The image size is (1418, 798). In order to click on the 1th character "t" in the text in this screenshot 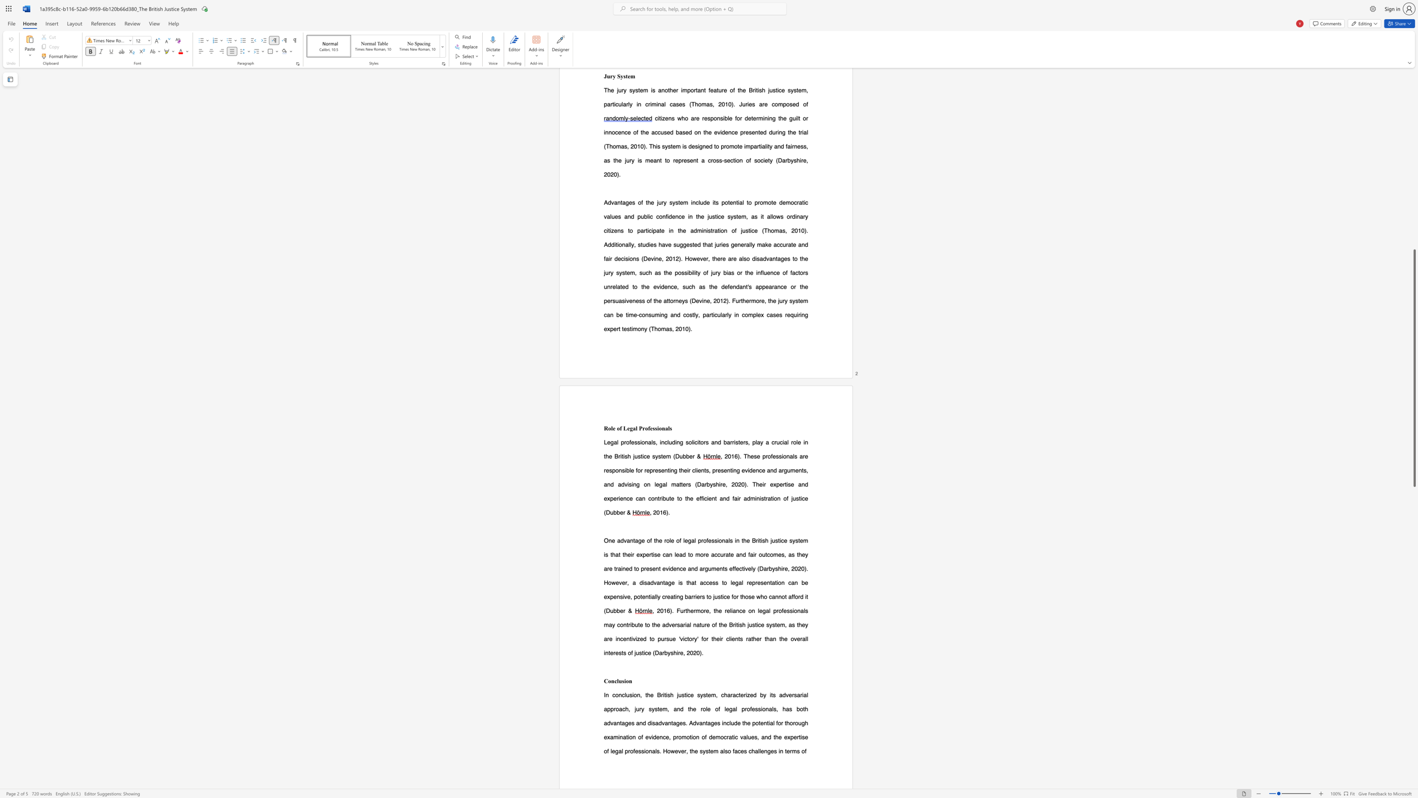, I will do `click(668, 470)`.